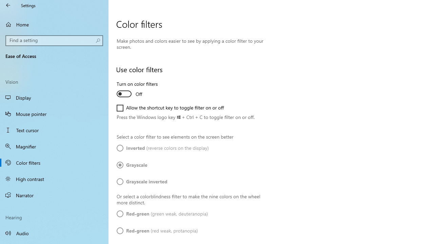  What do you see at coordinates (8, 5) in the screenshot?
I see `'Back'` at bounding box center [8, 5].